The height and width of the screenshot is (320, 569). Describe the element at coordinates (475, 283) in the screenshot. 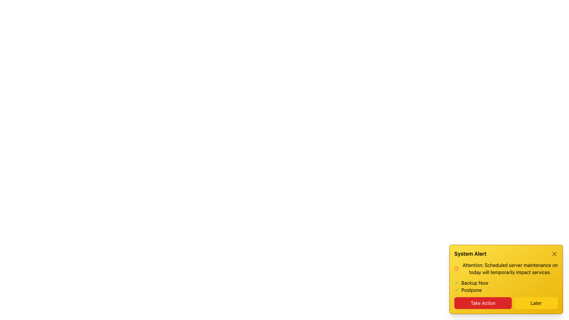

I see `the 'Backup Now' text label, which is bold black on a yellow background, part of the 'System Alert' notification interface` at that location.